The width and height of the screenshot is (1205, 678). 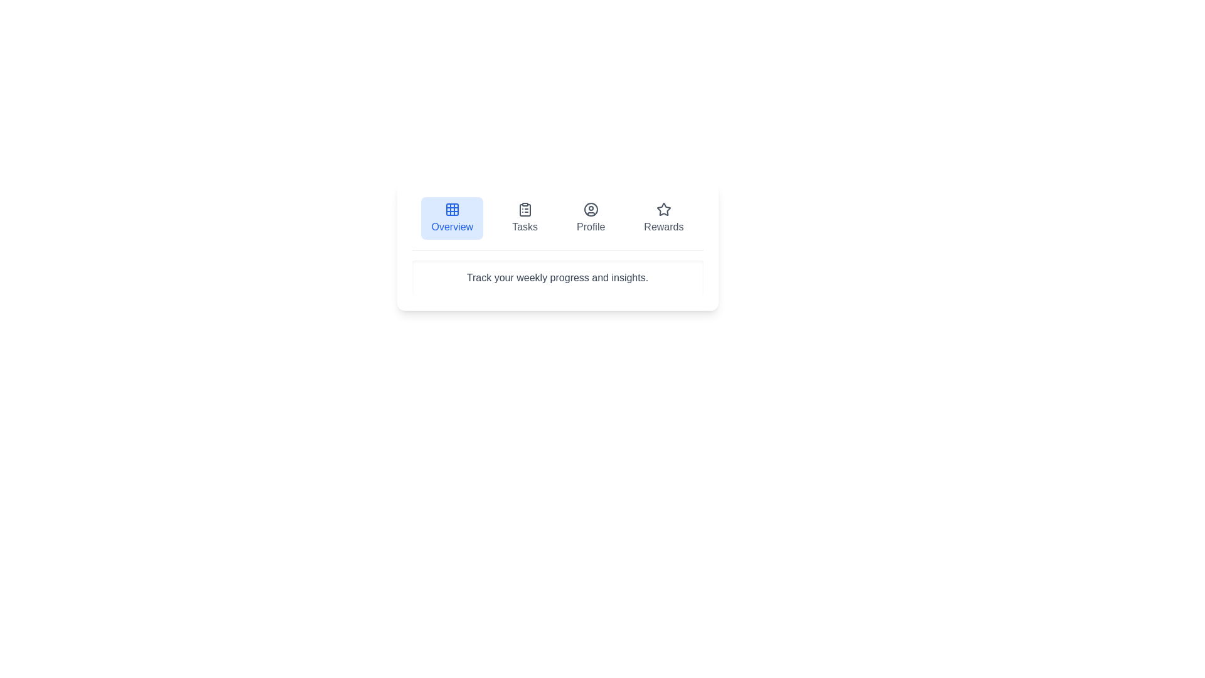 What do you see at coordinates (663, 217) in the screenshot?
I see `the 'Rewards' button, which features a hollow star icon above the text styled in gray, located in the horizontal navigation menu on the far right` at bounding box center [663, 217].